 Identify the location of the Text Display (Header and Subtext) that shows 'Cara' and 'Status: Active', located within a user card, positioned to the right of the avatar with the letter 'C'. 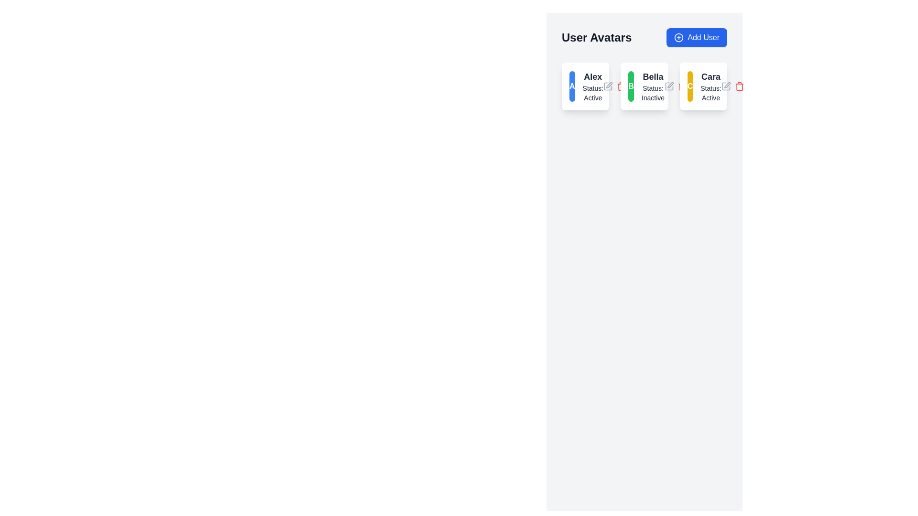
(711, 86).